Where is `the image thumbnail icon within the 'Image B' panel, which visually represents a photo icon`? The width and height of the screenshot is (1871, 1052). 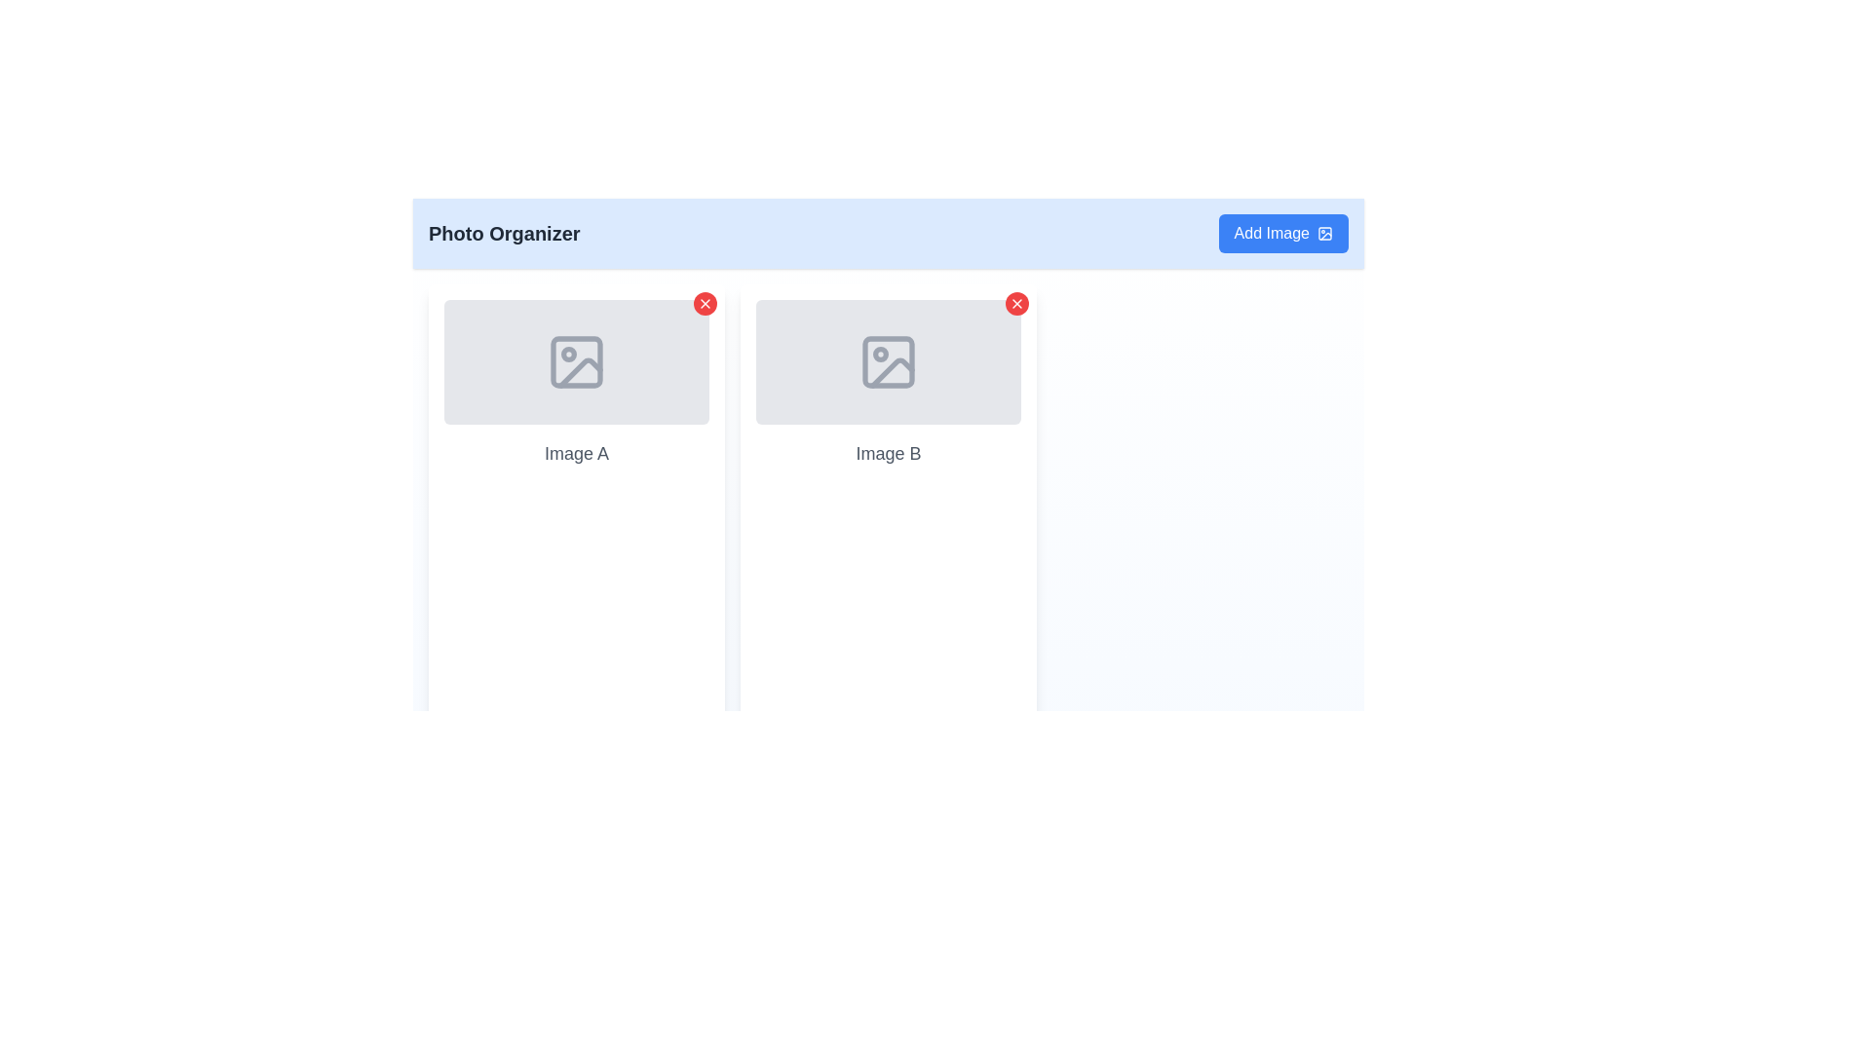 the image thumbnail icon within the 'Image B' panel, which visually represents a photo icon is located at coordinates (888, 361).